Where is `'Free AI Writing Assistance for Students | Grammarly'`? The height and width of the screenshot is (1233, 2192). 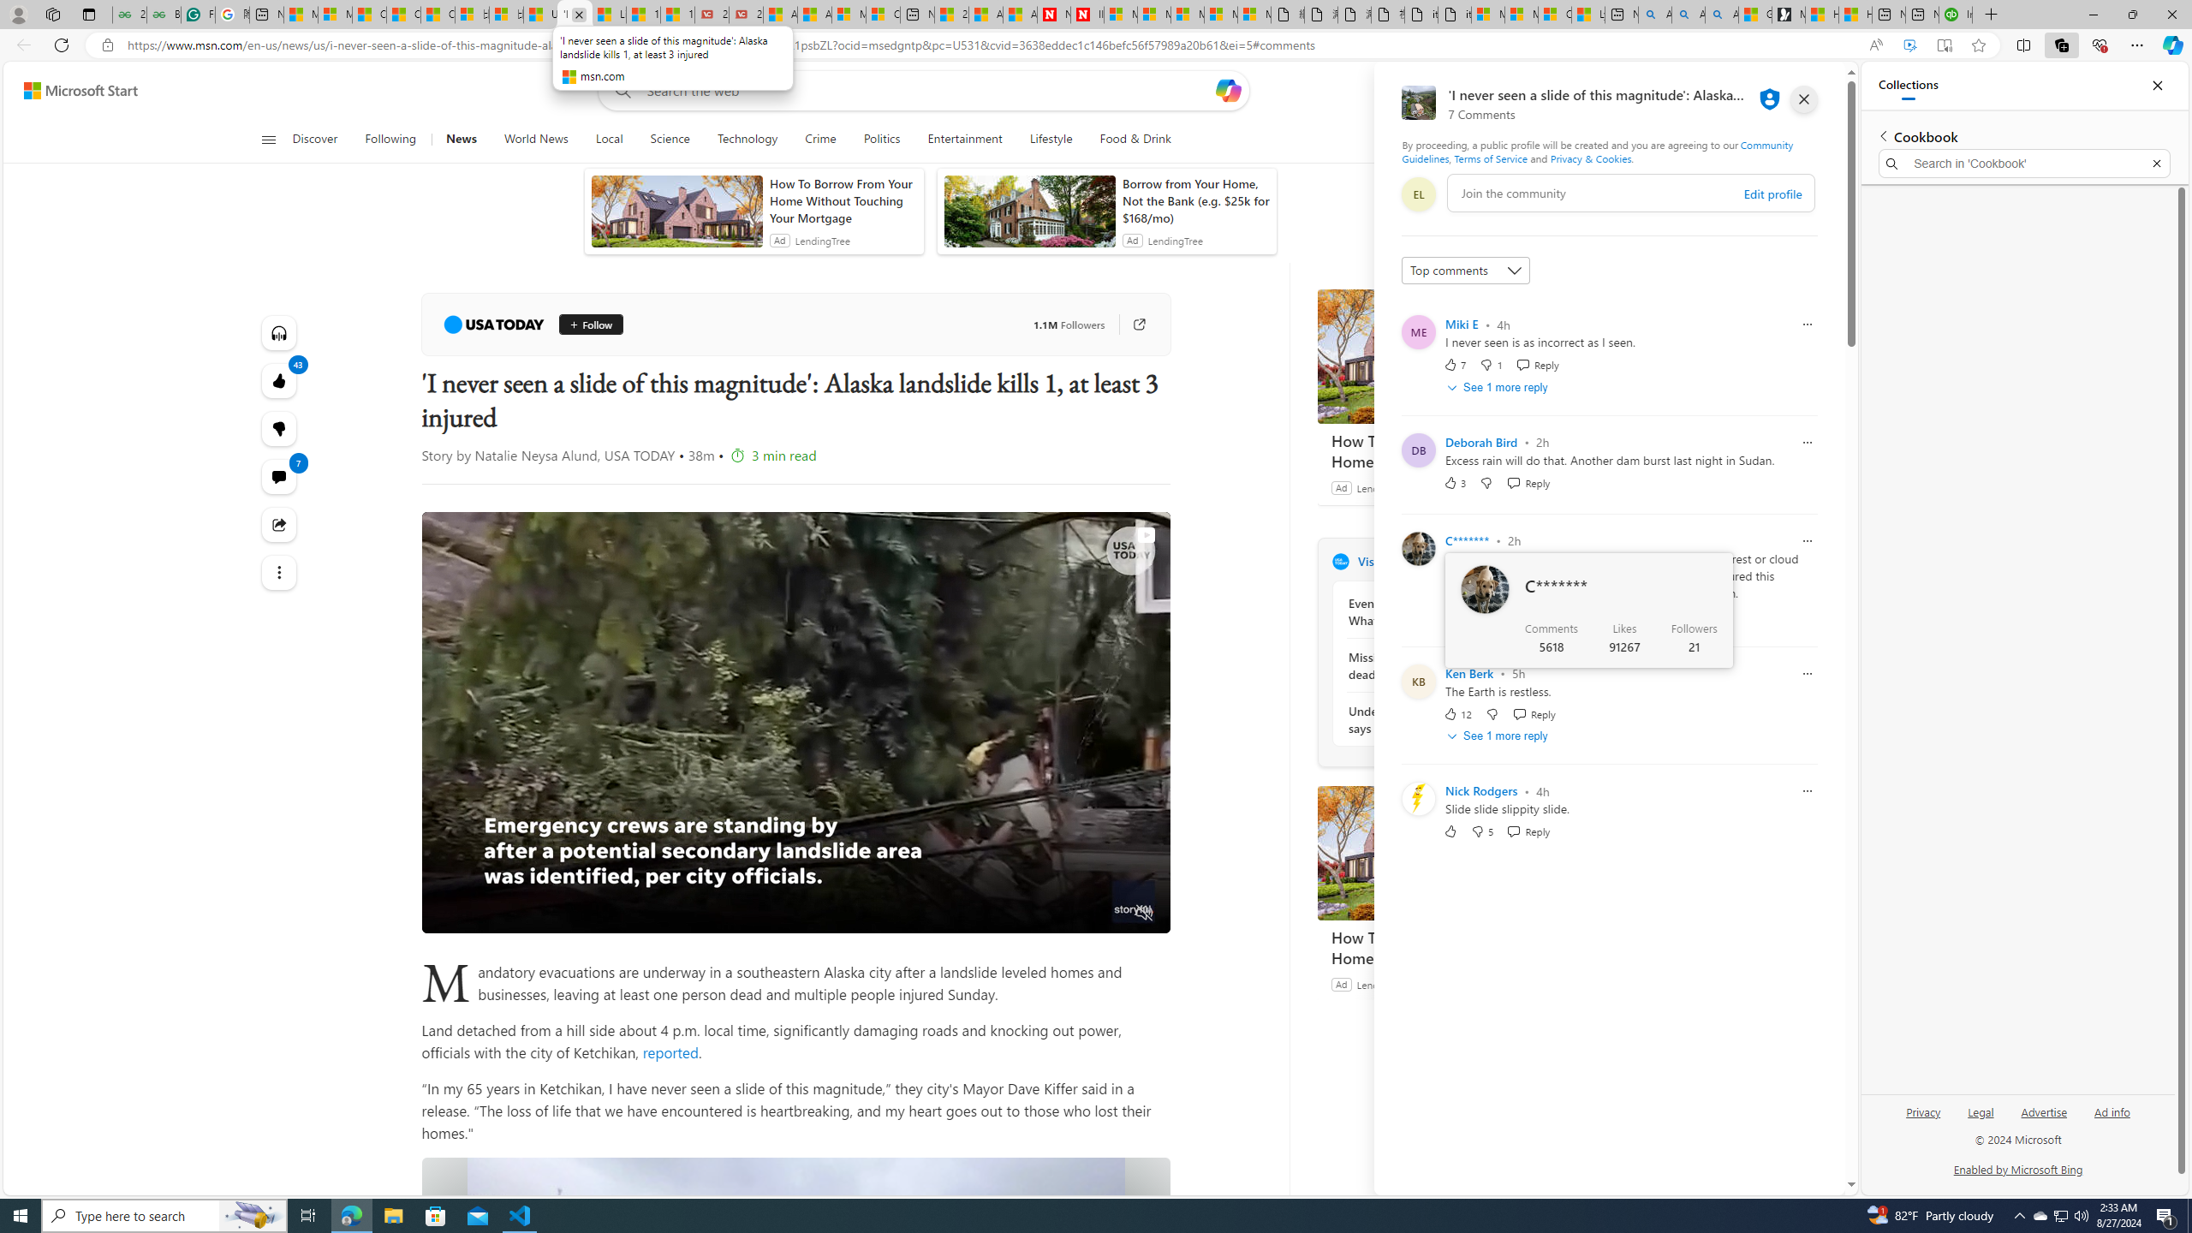
'Free AI Writing Assistance for Students | Grammarly' is located at coordinates (198, 14).